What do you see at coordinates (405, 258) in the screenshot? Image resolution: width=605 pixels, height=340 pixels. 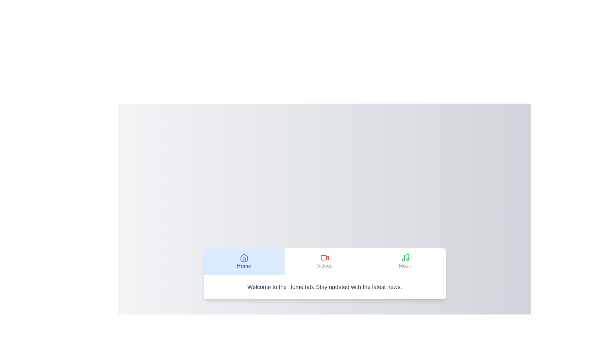 I see `the Music icon to activate the corresponding tab` at bounding box center [405, 258].